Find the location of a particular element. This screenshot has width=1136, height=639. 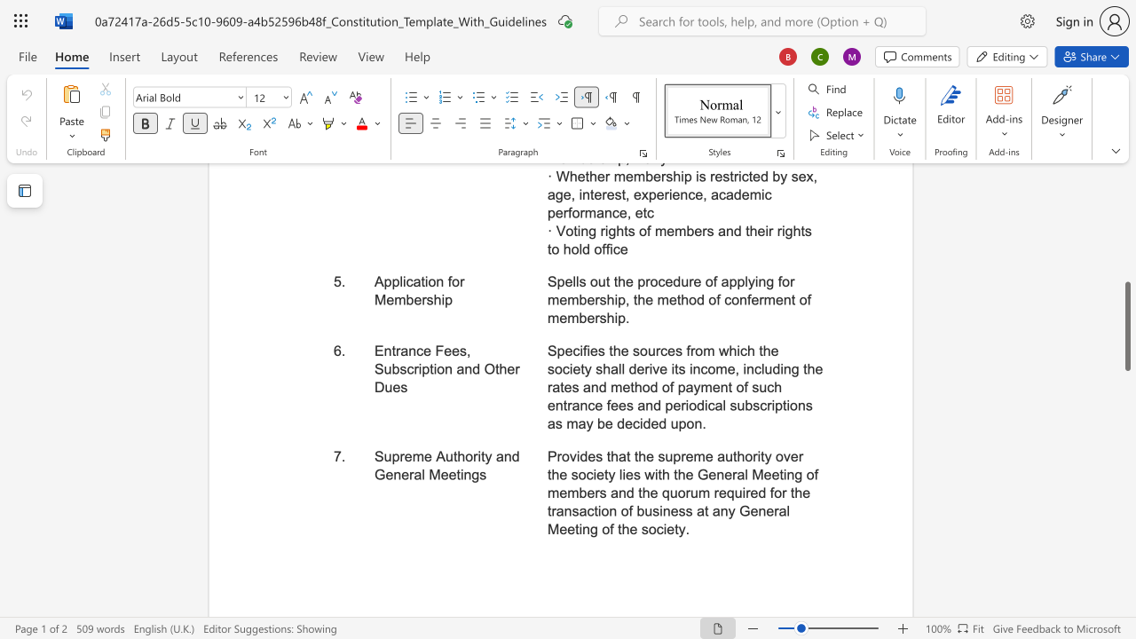

the scrollbar to scroll upward is located at coordinates (1126, 195).